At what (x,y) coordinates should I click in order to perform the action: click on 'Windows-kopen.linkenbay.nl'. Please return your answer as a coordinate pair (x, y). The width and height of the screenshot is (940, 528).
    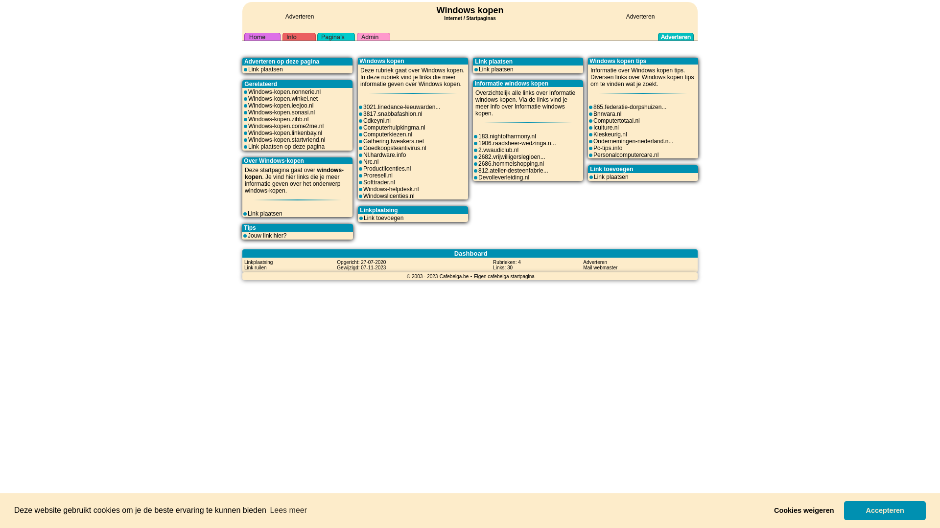
    Looking at the image, I should click on (284, 133).